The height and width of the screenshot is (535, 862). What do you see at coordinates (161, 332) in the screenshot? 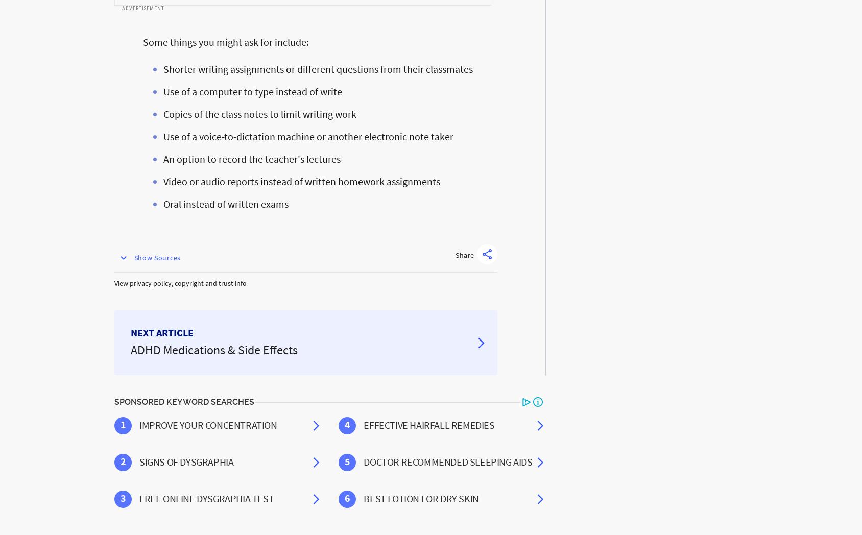
I see `'Next Article'` at bounding box center [161, 332].